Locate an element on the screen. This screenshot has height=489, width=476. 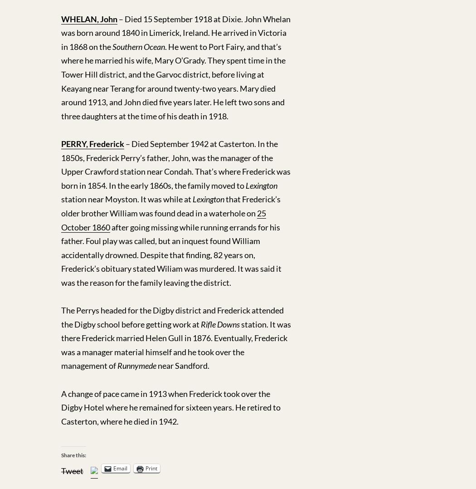
'WHELAN, John' is located at coordinates (88, 18).